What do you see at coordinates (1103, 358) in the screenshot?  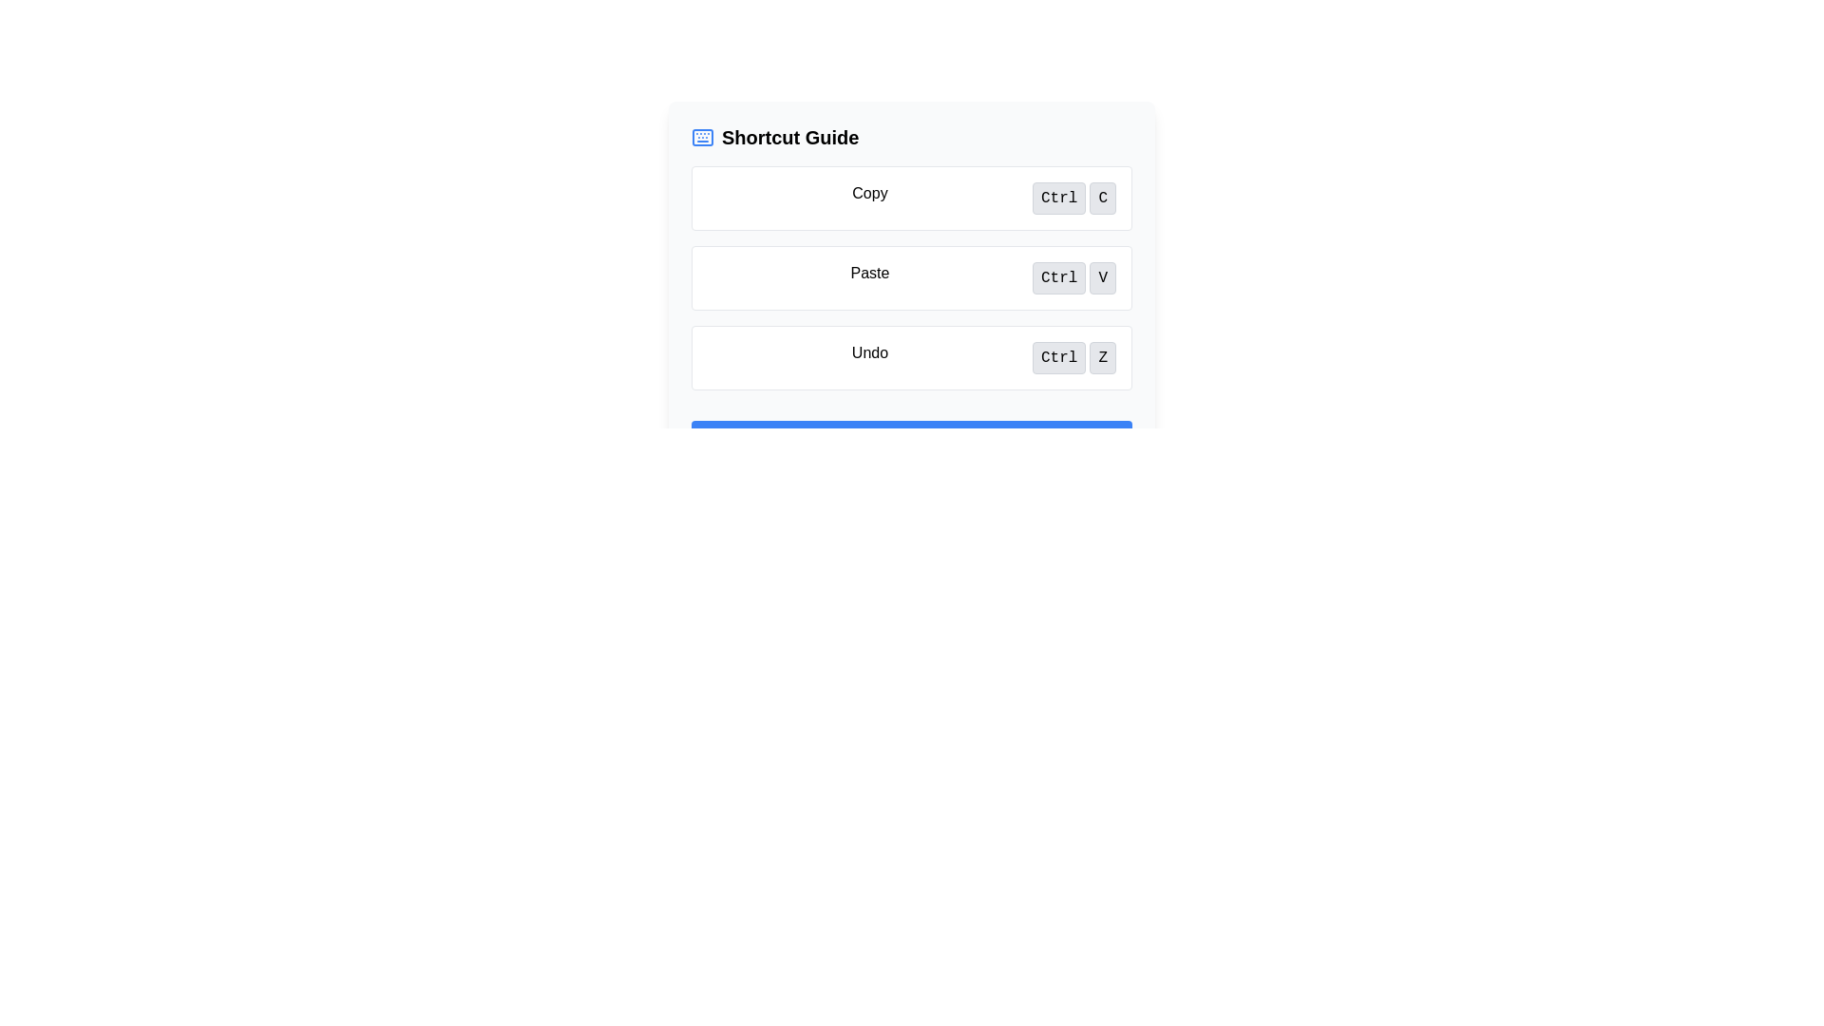 I see `the text content of the button displaying the shortcut key 'Z' for the 'Undo' action, which is part of a grouped button set aligned horizontally in the bottom row of the shortcut guide` at bounding box center [1103, 358].